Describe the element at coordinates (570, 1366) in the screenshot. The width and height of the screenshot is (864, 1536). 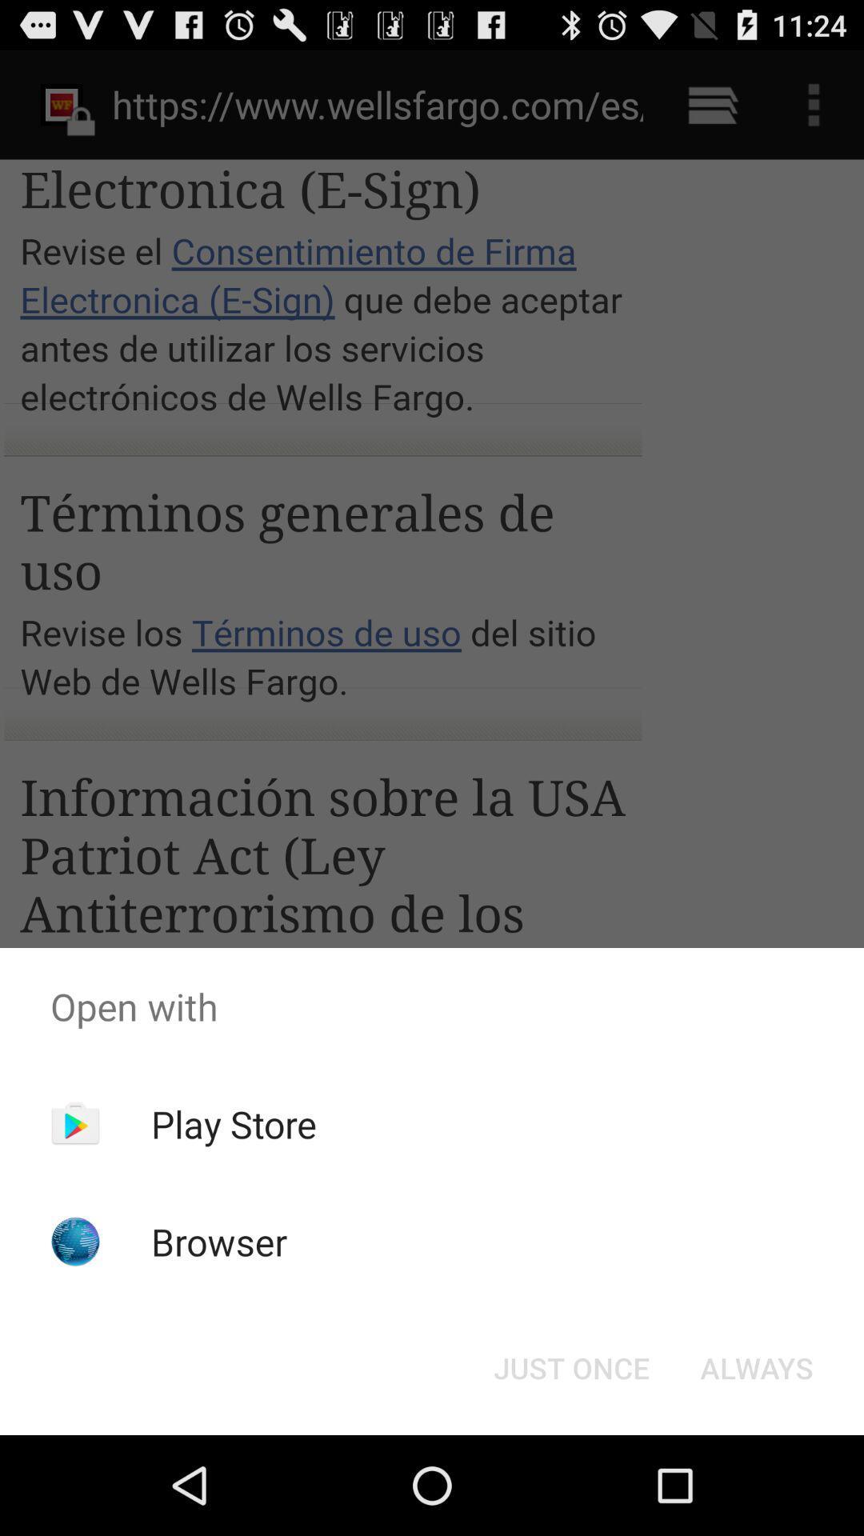
I see `the icon next to the always button` at that location.